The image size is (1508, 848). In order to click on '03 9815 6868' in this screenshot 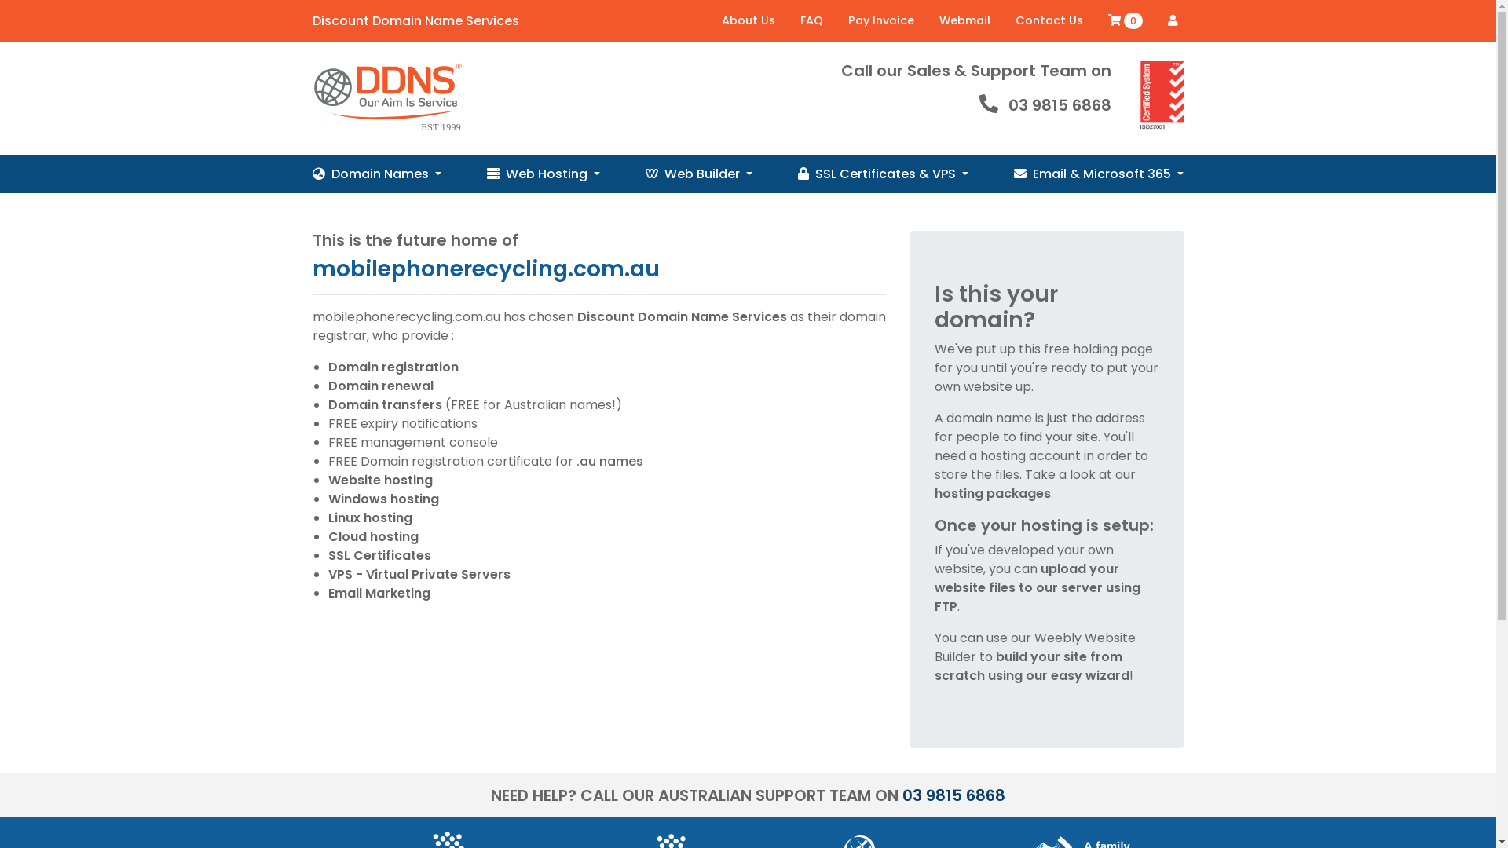, I will do `click(953, 795)`.